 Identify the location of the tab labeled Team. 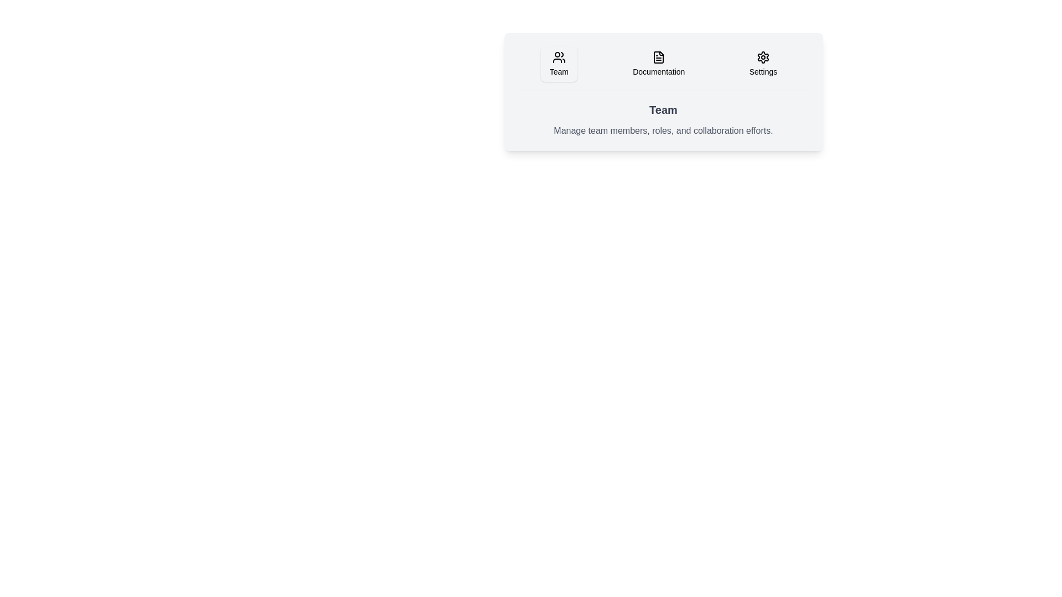
(559, 64).